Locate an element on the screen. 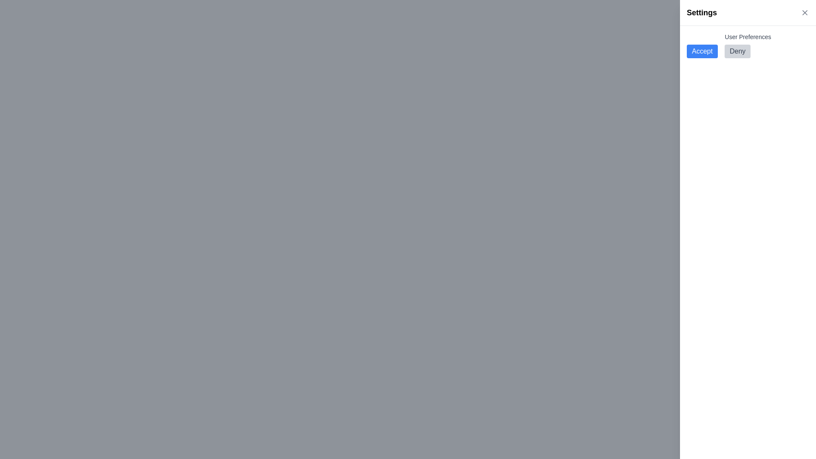  the confirm button located on the right side of the 'Settings' panel is located at coordinates (702, 51).